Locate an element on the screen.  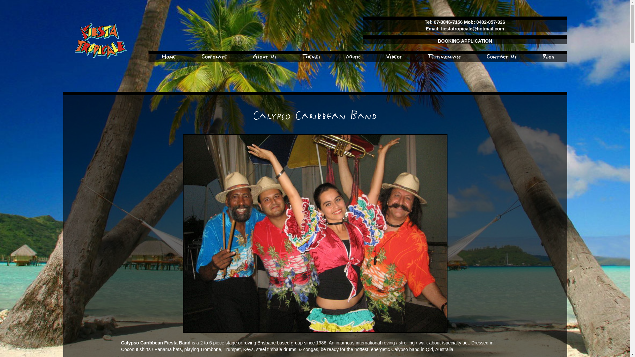
'07-3846-7156' is located at coordinates (449, 21).